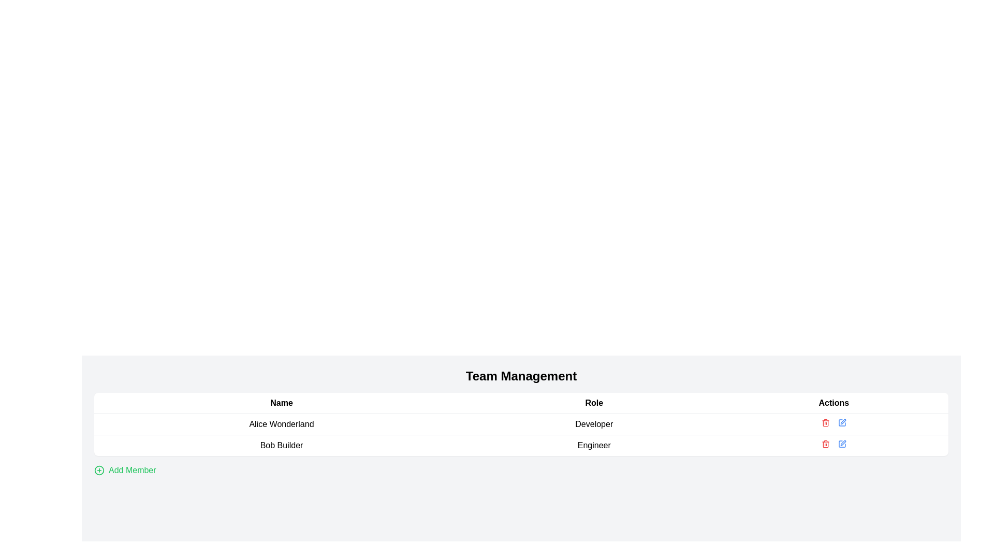 This screenshot has width=994, height=559. What do you see at coordinates (594, 424) in the screenshot?
I see `text 'Developer' from the Text field in the 'Role' column associated with 'Alice Wonderland' in the second row of the table` at bounding box center [594, 424].